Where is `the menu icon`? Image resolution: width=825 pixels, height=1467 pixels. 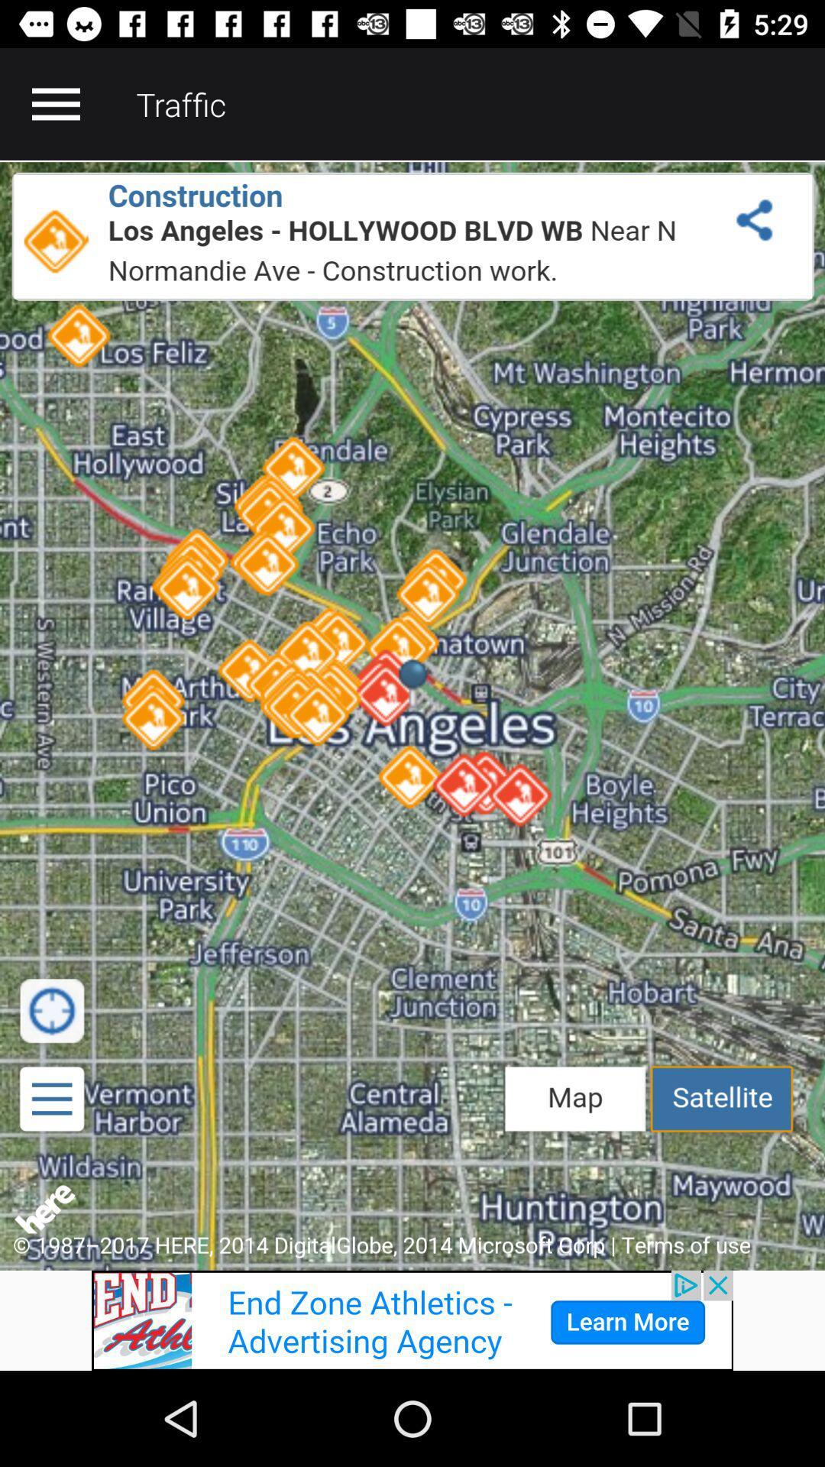 the menu icon is located at coordinates (55, 103).